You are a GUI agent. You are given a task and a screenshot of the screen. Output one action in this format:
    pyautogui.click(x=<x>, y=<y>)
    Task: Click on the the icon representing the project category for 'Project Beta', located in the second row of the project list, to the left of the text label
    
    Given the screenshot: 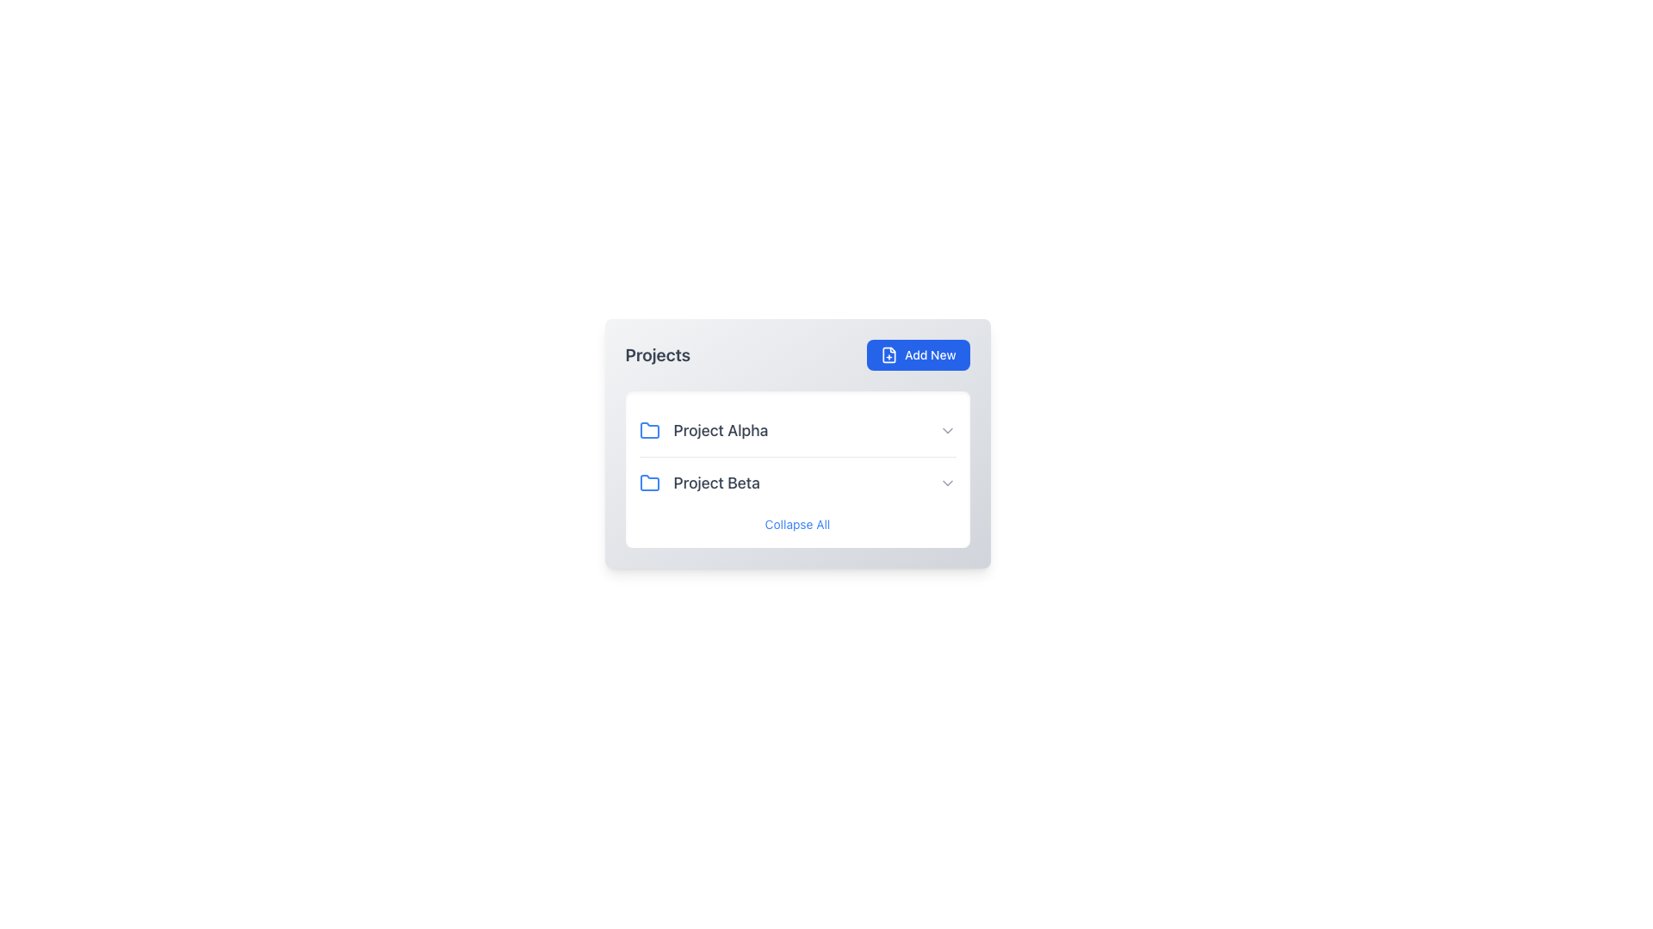 What is the action you would take?
    pyautogui.click(x=648, y=483)
    